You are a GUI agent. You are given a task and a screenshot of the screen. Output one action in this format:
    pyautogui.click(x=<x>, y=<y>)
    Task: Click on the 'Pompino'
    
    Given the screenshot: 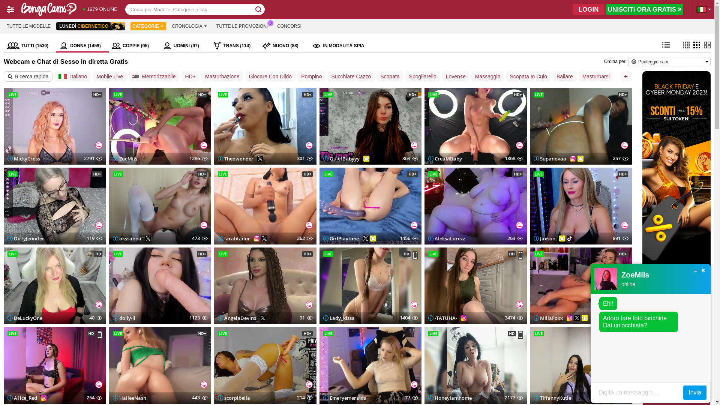 What is the action you would take?
    pyautogui.click(x=311, y=76)
    